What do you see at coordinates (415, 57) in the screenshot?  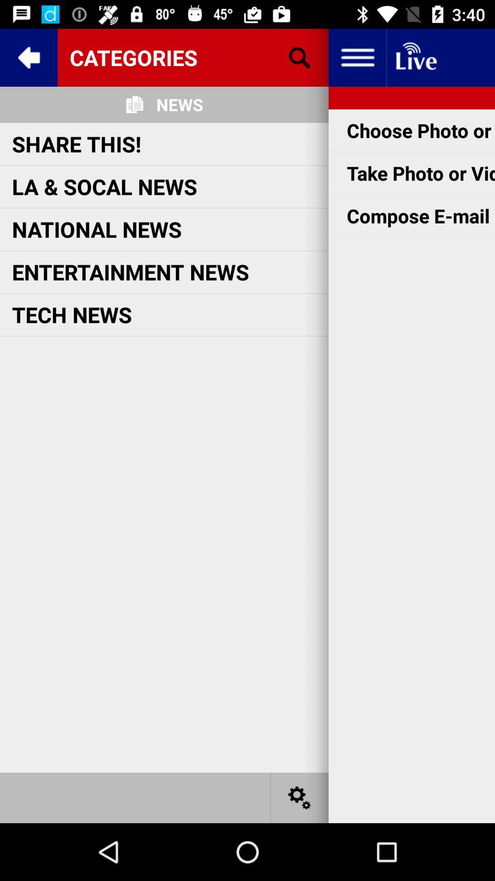 I see `watch live broadcast` at bounding box center [415, 57].